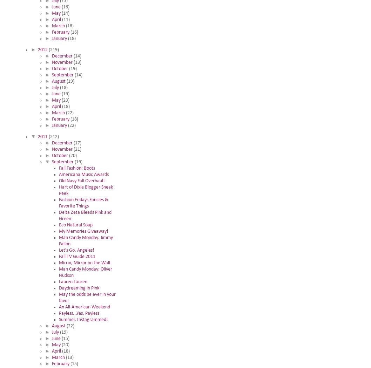  What do you see at coordinates (77, 143) in the screenshot?
I see `'(17)'` at bounding box center [77, 143].